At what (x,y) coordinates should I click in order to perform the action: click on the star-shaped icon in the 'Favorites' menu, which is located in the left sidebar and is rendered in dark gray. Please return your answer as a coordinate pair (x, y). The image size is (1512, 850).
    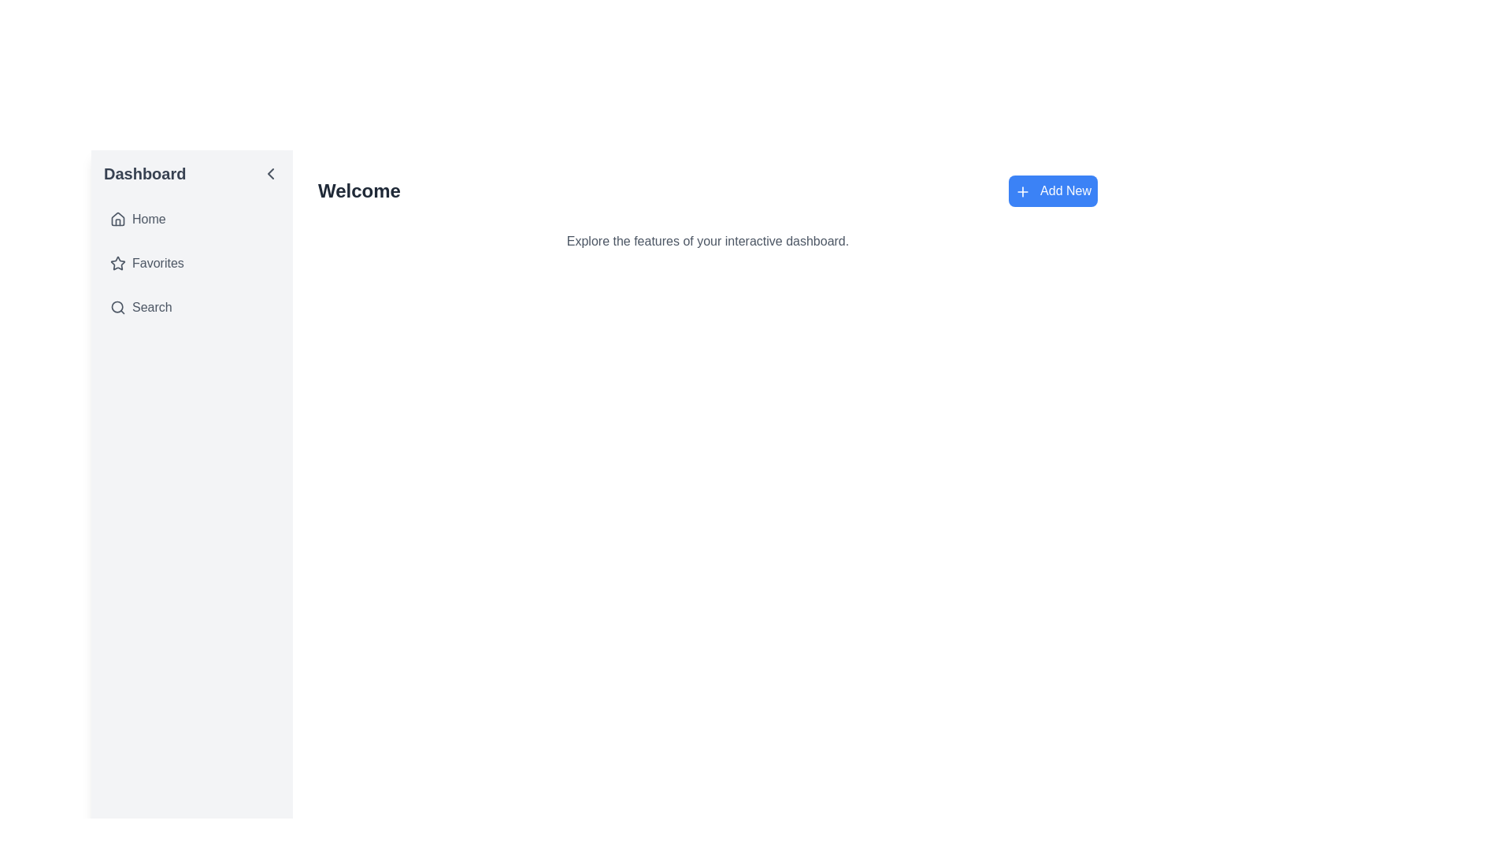
    Looking at the image, I should click on (117, 263).